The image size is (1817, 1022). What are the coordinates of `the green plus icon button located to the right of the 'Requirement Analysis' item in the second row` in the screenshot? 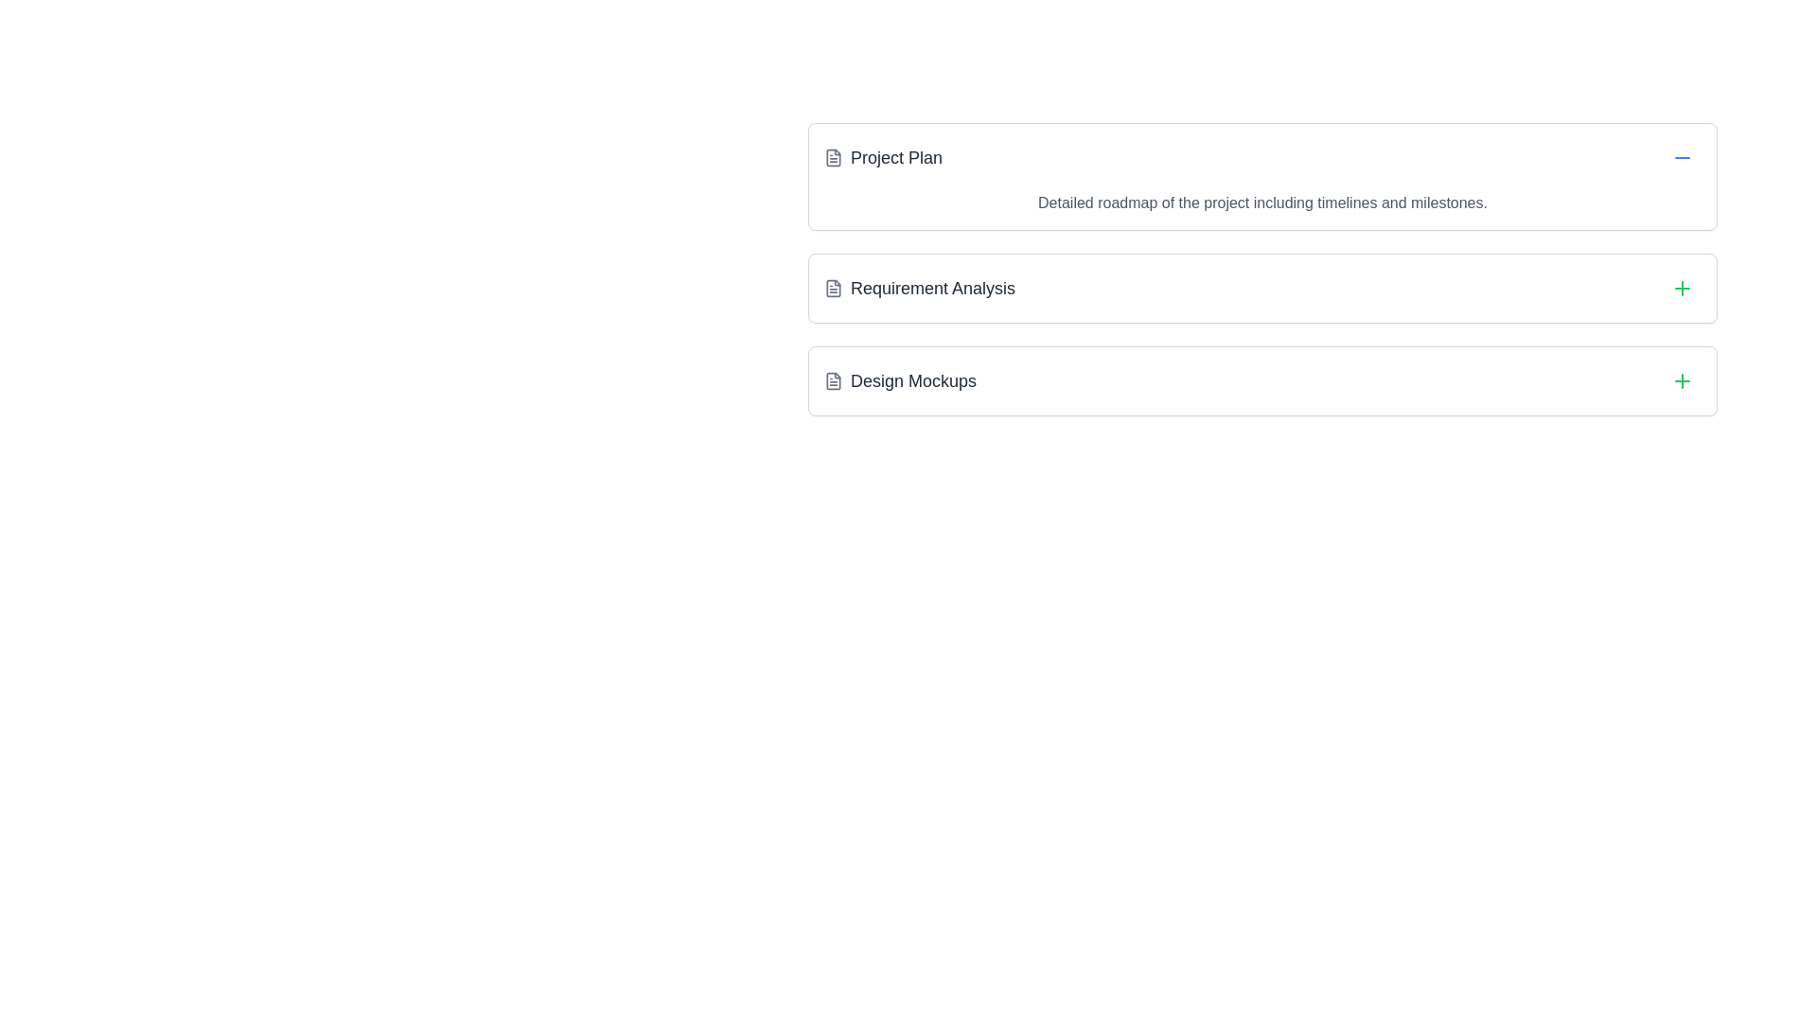 It's located at (1682, 380).